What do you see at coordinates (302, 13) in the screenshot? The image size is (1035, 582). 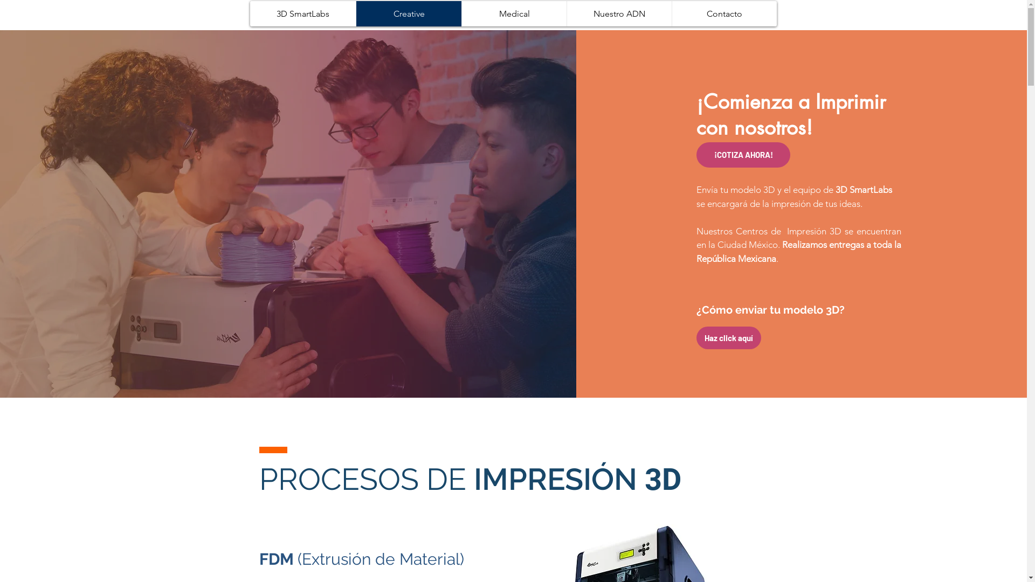 I see `'3D SmartLabs'` at bounding box center [302, 13].